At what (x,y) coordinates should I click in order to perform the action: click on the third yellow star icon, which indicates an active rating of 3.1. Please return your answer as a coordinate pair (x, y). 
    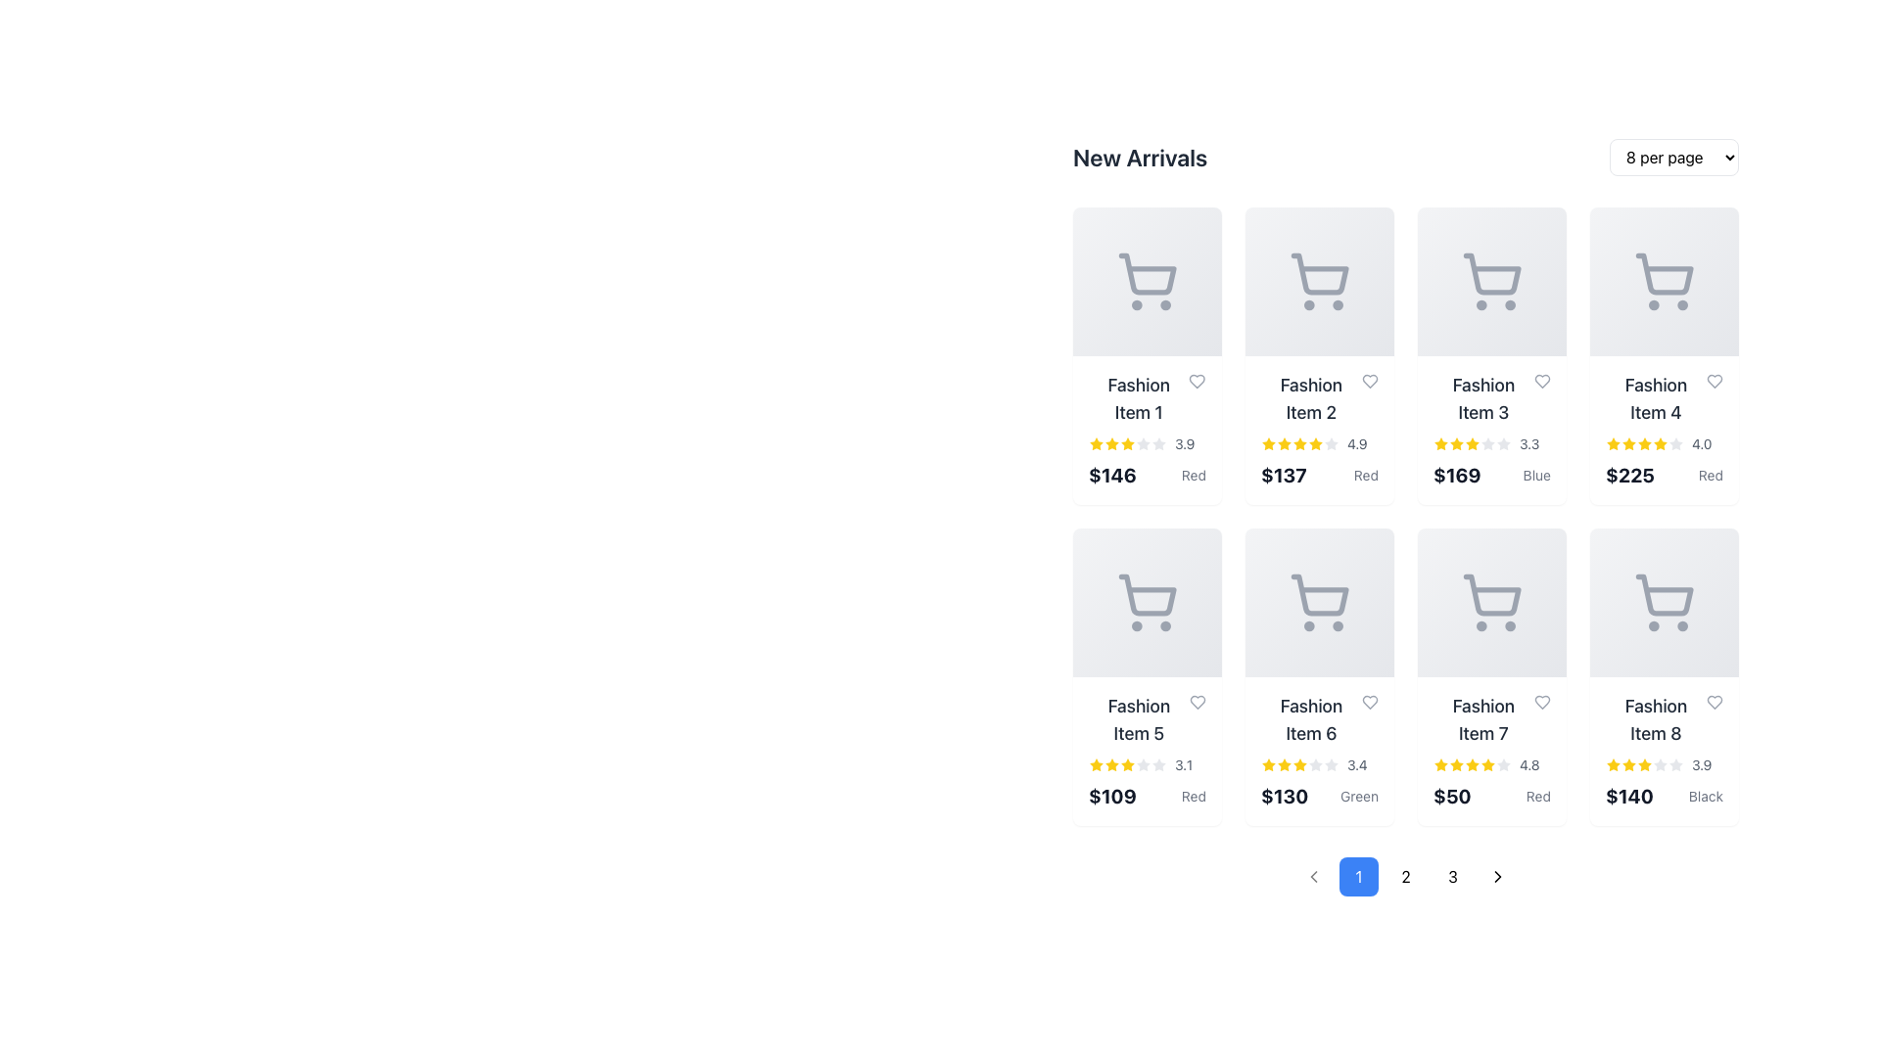
    Looking at the image, I should click on (1112, 764).